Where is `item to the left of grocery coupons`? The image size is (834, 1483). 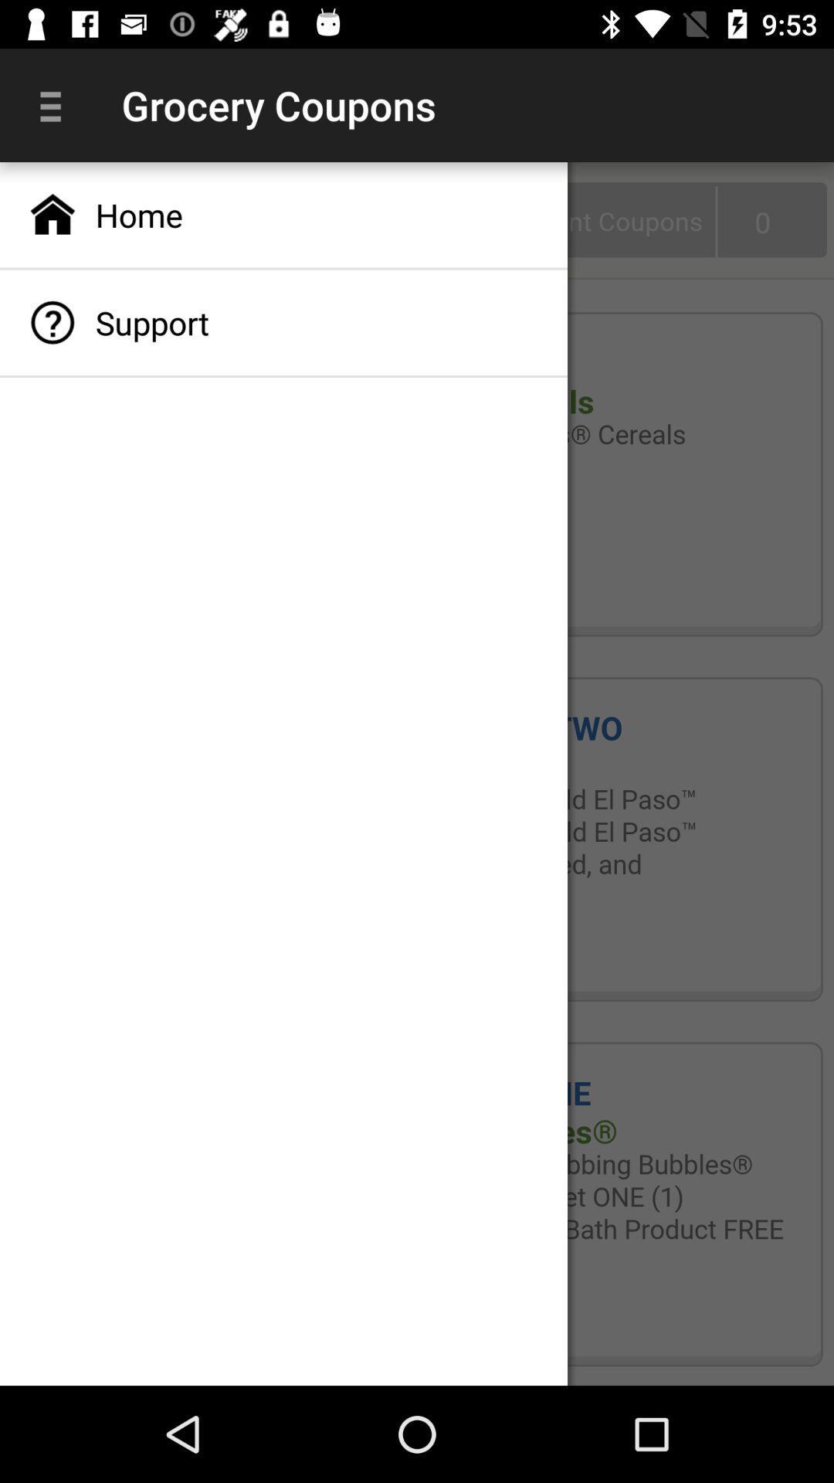 item to the left of grocery coupons is located at coordinates (56, 104).